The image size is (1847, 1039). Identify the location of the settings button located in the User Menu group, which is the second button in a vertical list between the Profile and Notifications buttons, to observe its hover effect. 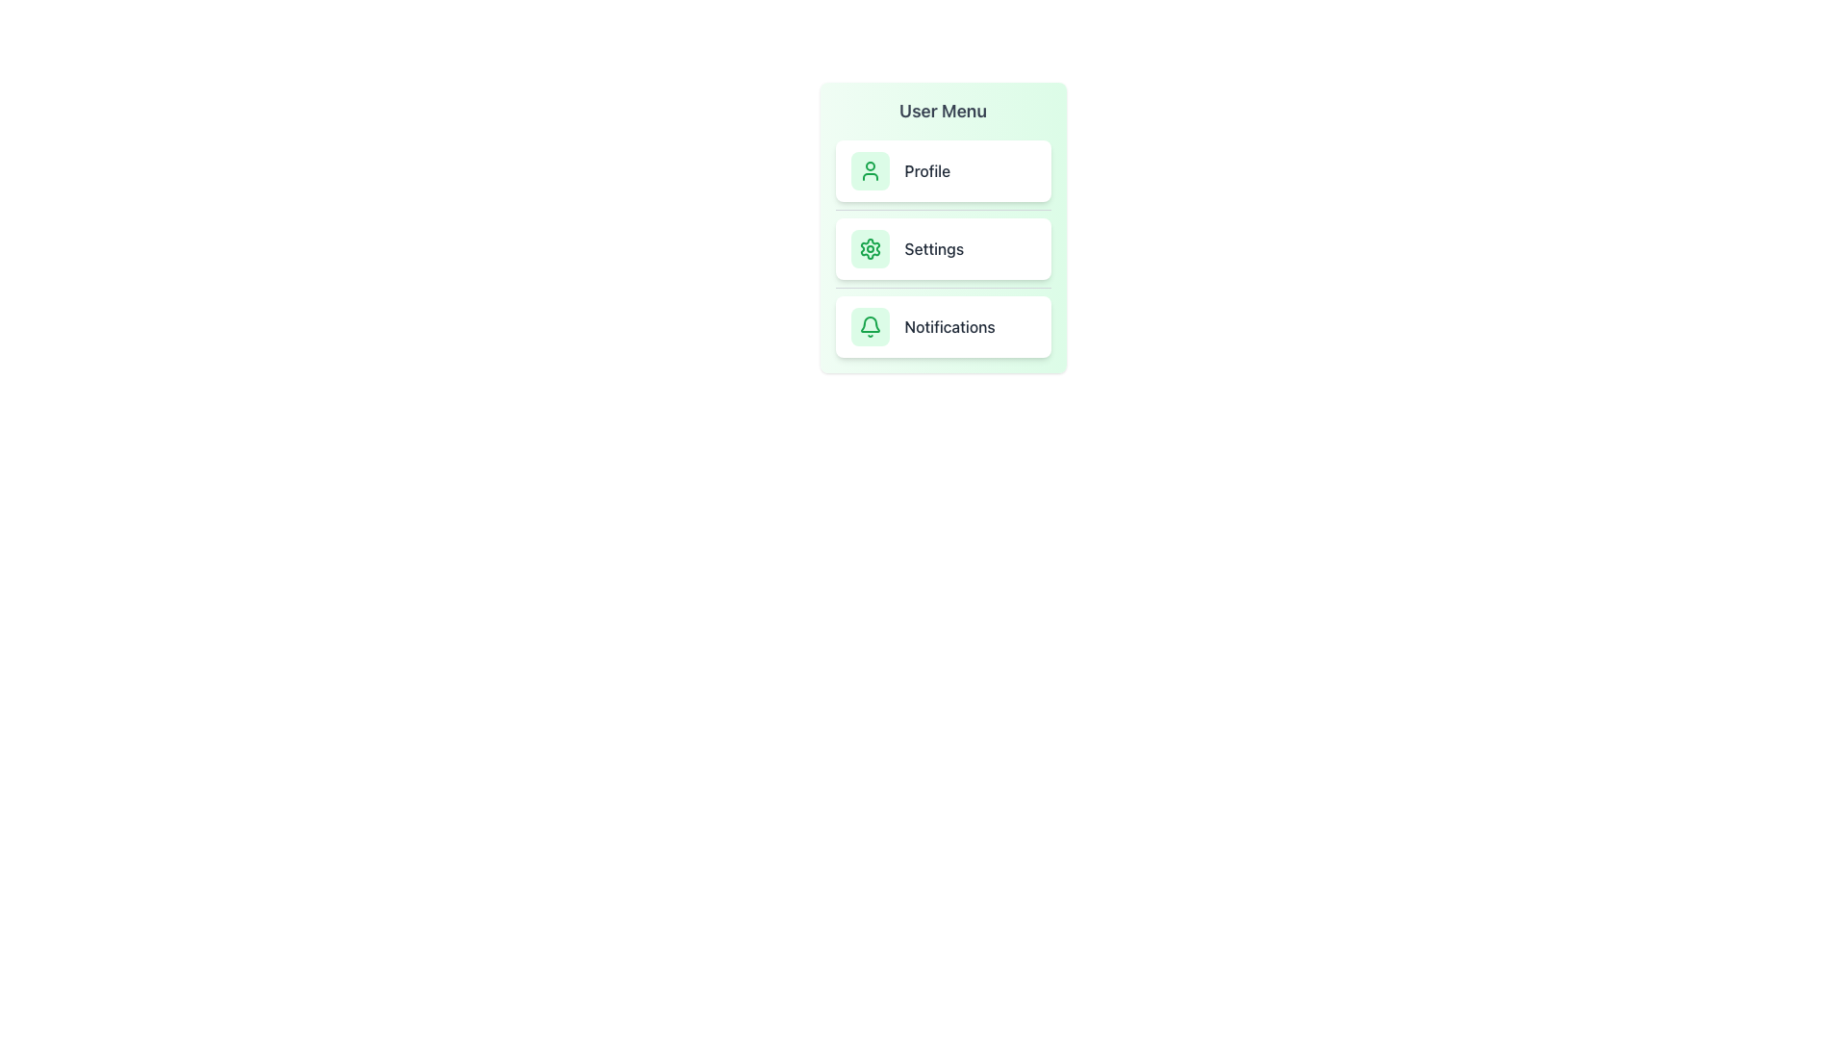
(943, 247).